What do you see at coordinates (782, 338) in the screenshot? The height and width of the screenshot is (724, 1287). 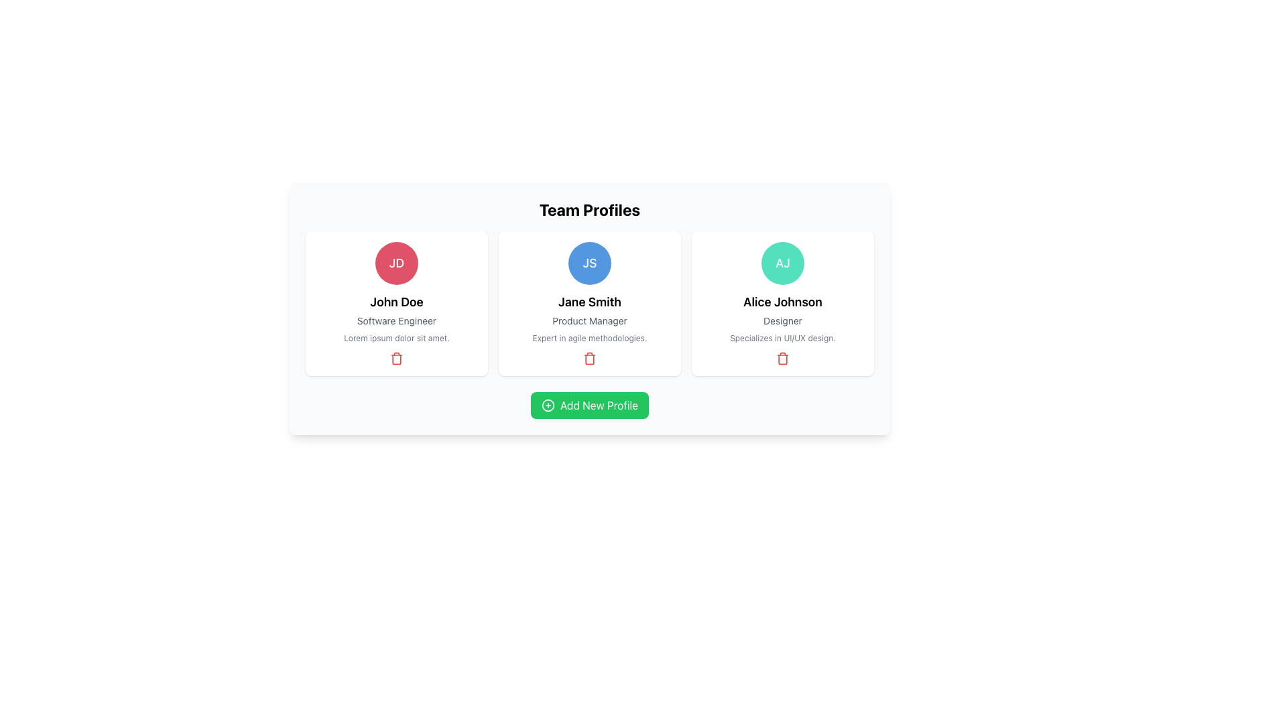 I see `static text labeled 'Specializes in UI/UX design.' located at the bottom of the rightmost profile card, beneath the 'Designer' label` at bounding box center [782, 338].